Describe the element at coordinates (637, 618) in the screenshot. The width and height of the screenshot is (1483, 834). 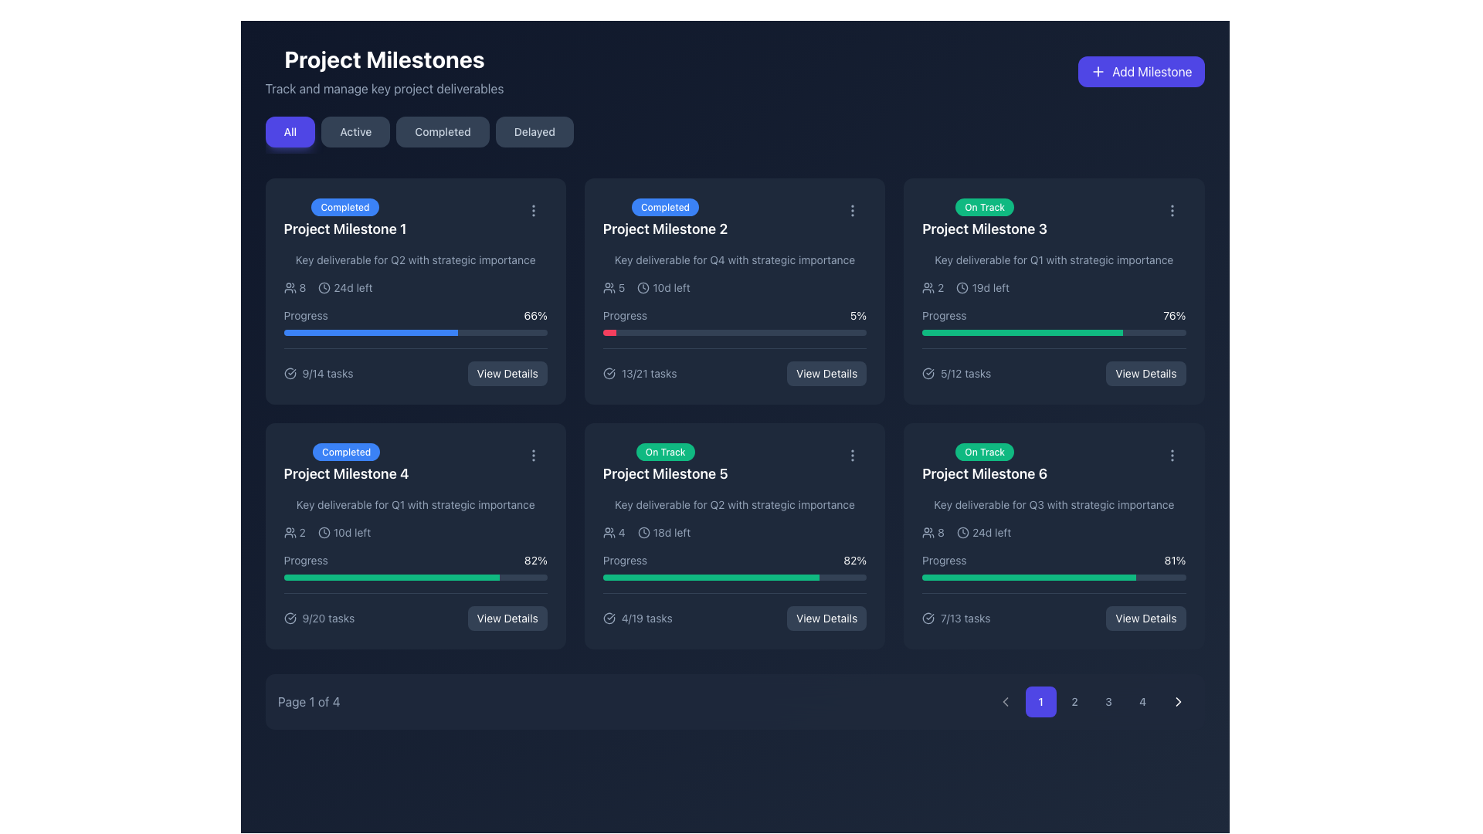
I see `the progress text label indicating the tasks related to 'Project Milestone 5', located at the bottom section of the card, to the left of the 'View Details' button` at that location.